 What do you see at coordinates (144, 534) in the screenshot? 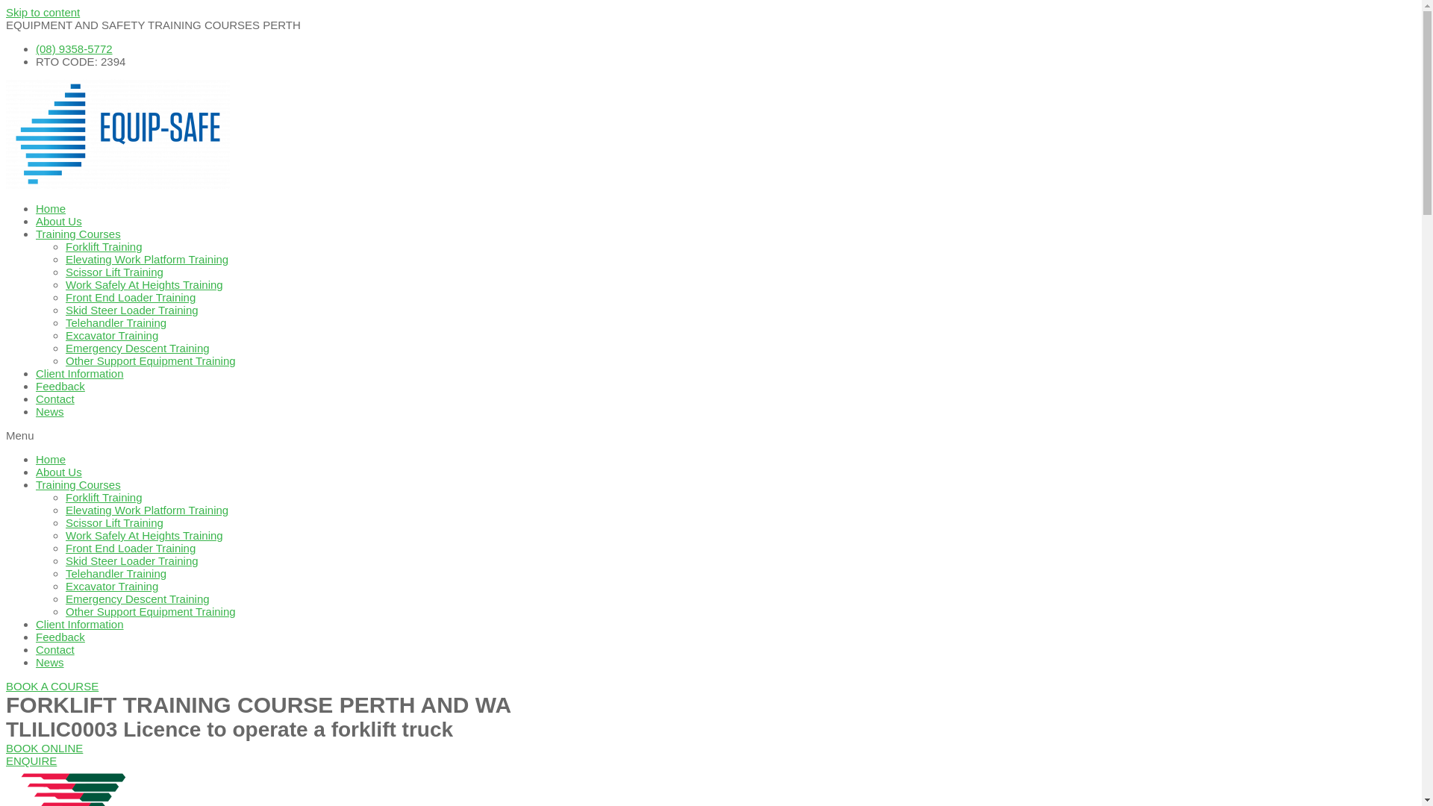
I see `'Work Safely At Heights Training'` at bounding box center [144, 534].